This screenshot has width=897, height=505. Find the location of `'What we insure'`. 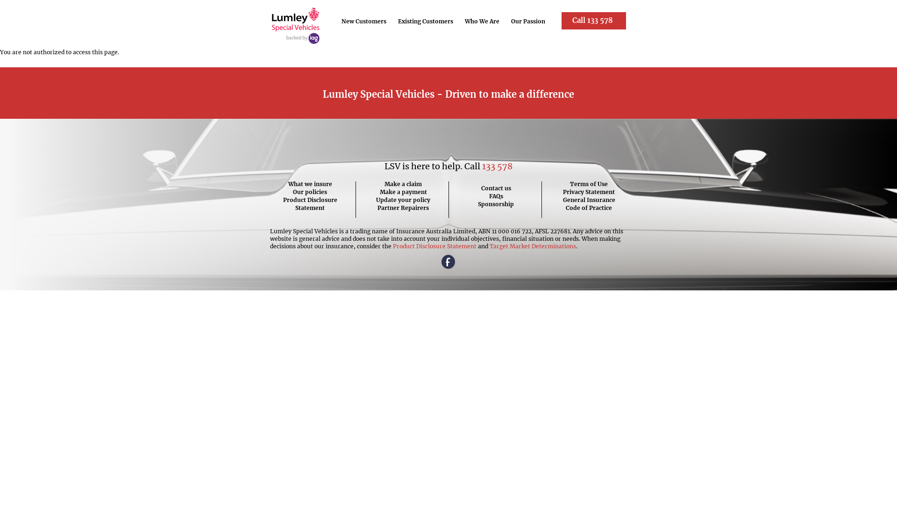

'What we insure' is located at coordinates (282, 184).